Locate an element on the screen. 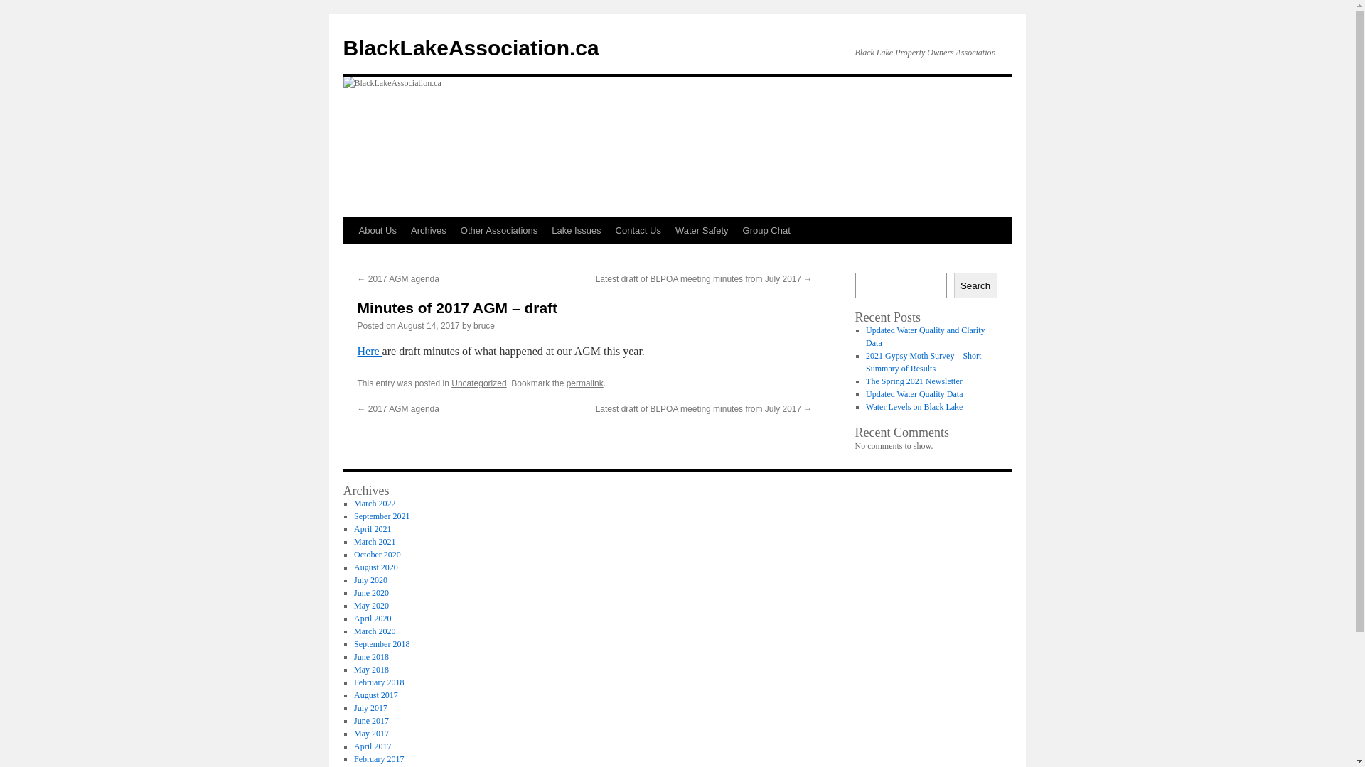 The image size is (1365, 767). 'About Us' is located at coordinates (377, 229).